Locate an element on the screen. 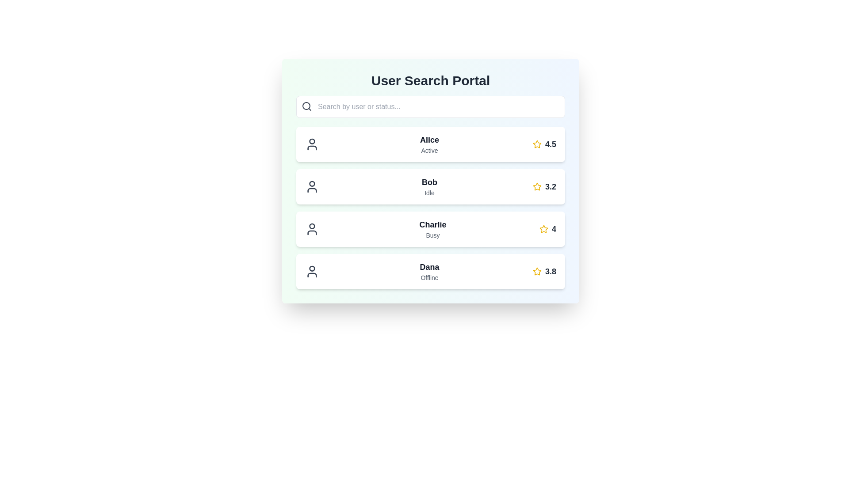 The width and height of the screenshot is (849, 477). the star icon used for ratings, which is yellow and located to the right of the text 'Alice' and adjacent to the numerical value '4.5' is located at coordinates (536, 144).